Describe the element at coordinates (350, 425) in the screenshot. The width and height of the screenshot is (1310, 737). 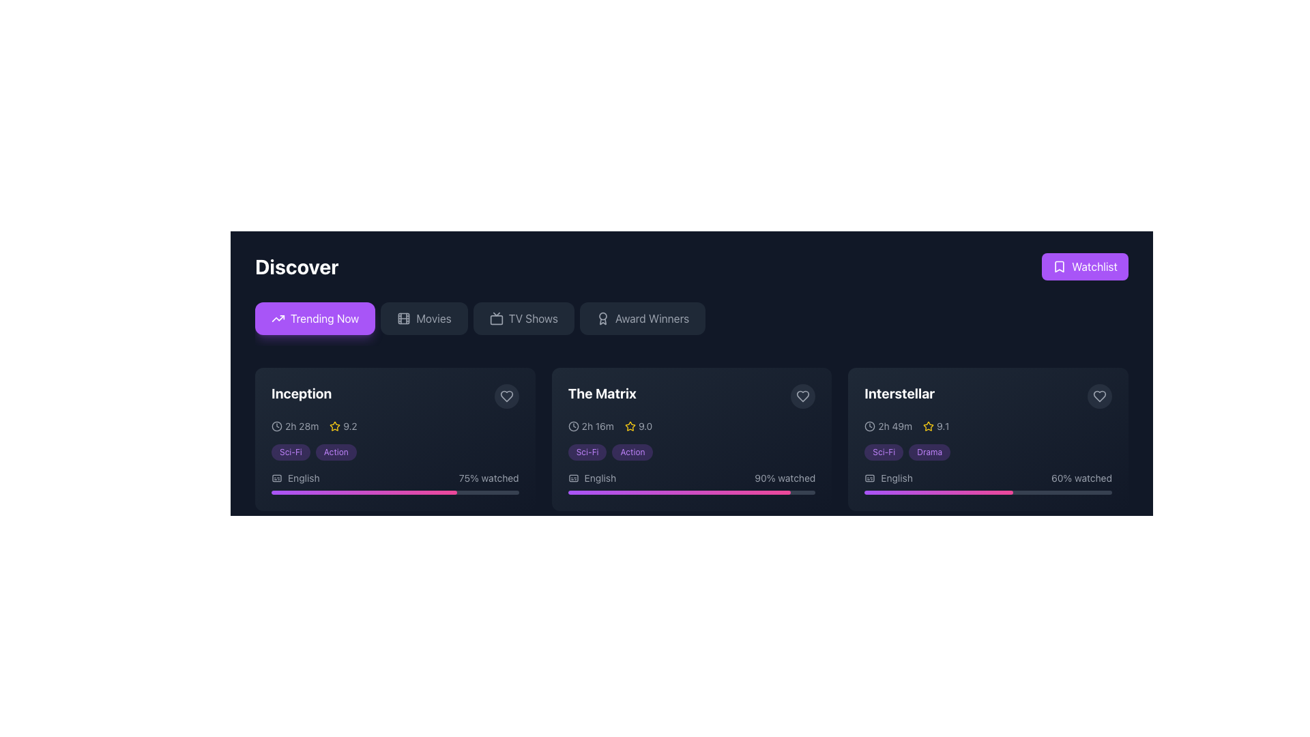
I see `the static text label displaying the number '9.2' that represents a rating, located to the right of a yellow star icon in the card for the movie 'Inception'` at that location.